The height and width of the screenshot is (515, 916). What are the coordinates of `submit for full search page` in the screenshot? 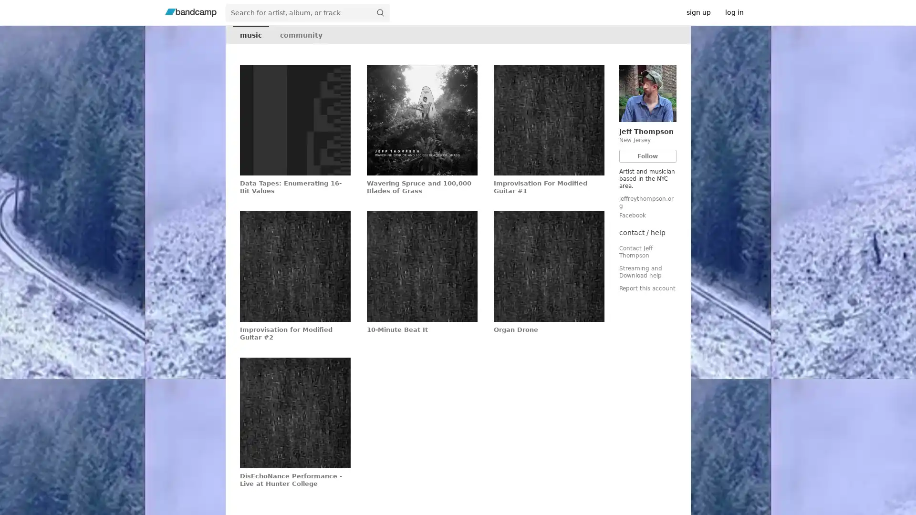 It's located at (379, 12).